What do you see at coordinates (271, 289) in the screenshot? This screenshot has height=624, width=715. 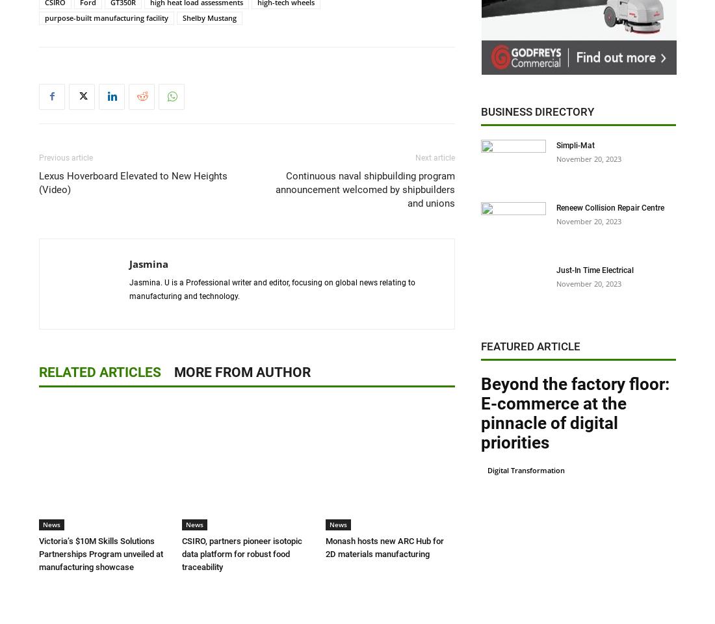 I see `'Jasmina. U is a Professional writer and editor, focusing on global news relating to manufacturing and technology.'` at bounding box center [271, 289].